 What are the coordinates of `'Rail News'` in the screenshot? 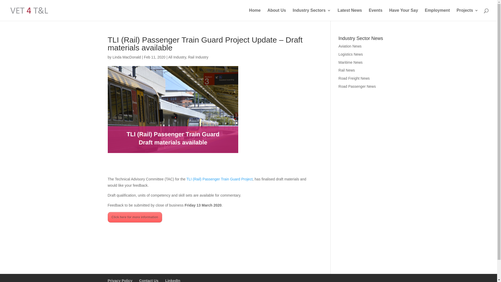 It's located at (347, 70).